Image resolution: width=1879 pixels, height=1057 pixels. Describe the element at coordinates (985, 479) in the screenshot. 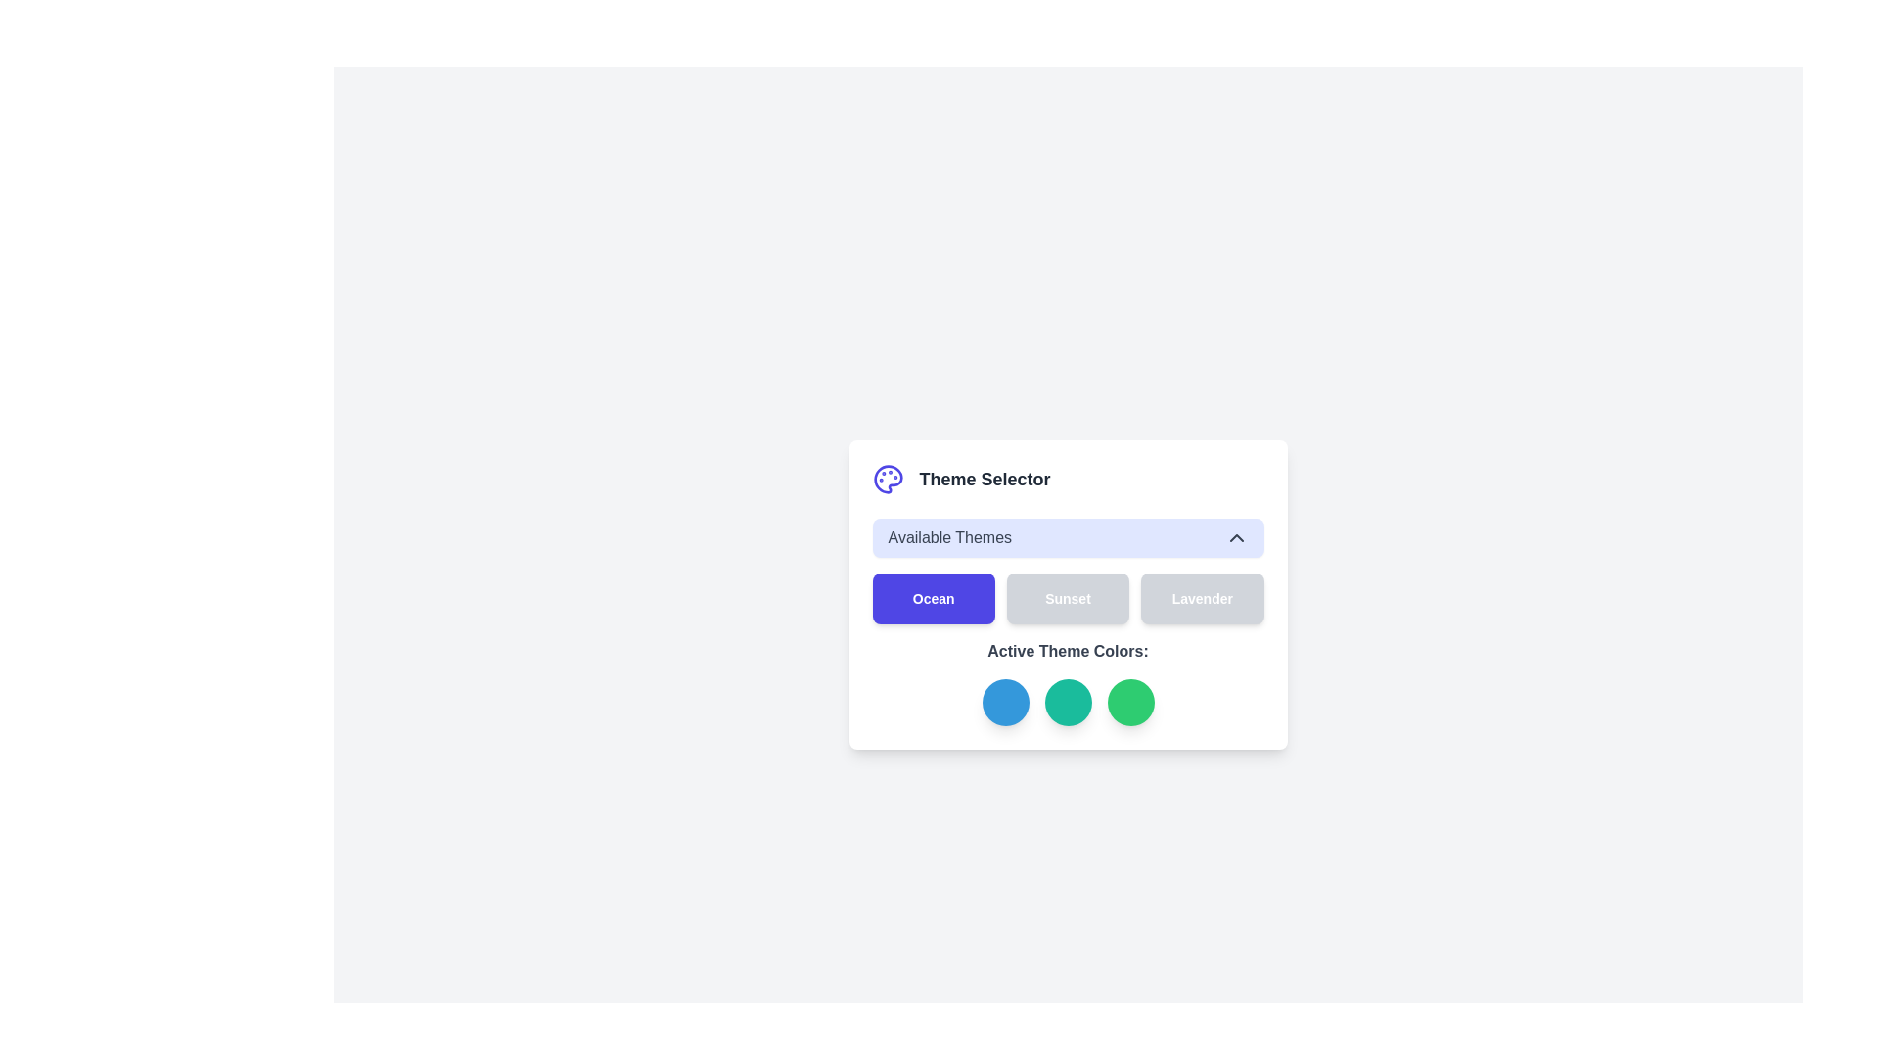

I see `the main heading text of the 'Theme Selector' panel, which indicates the purpose of the section below and is located to the right of a palette icon` at that location.